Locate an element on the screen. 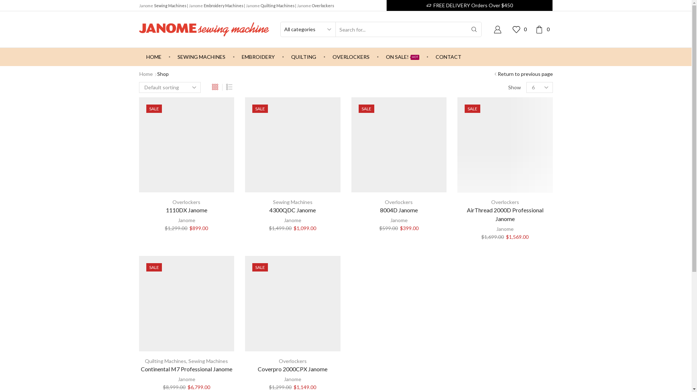 Image resolution: width=697 pixels, height=392 pixels. 'SEWING MACHINES' is located at coordinates (170, 57).